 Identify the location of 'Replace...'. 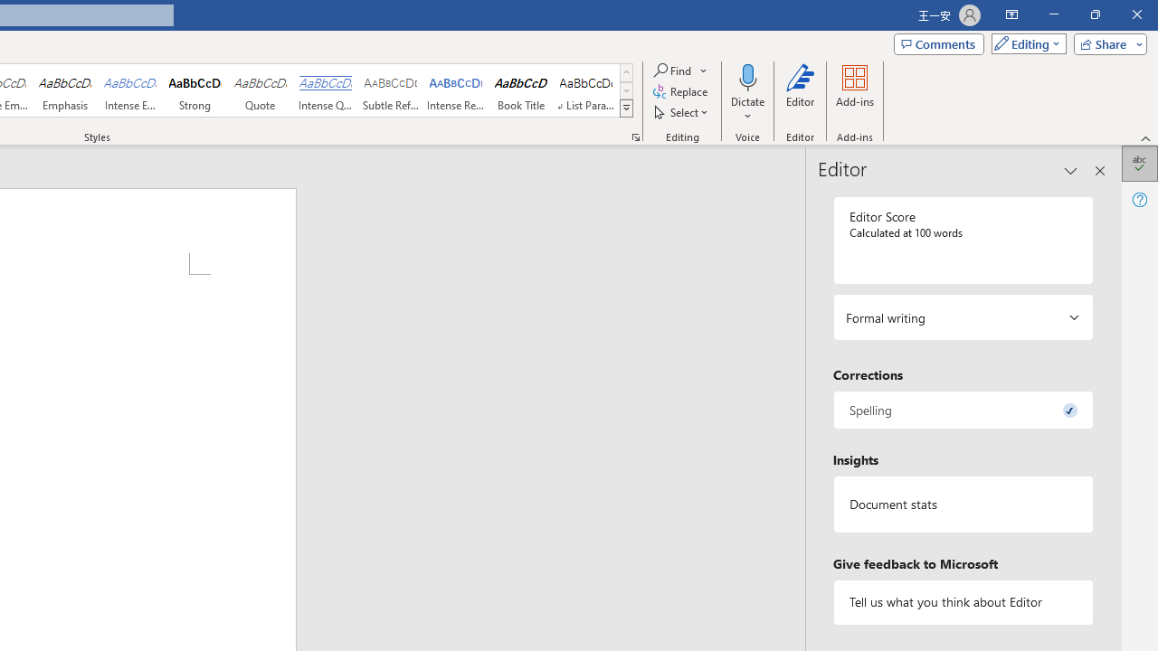
(680, 91).